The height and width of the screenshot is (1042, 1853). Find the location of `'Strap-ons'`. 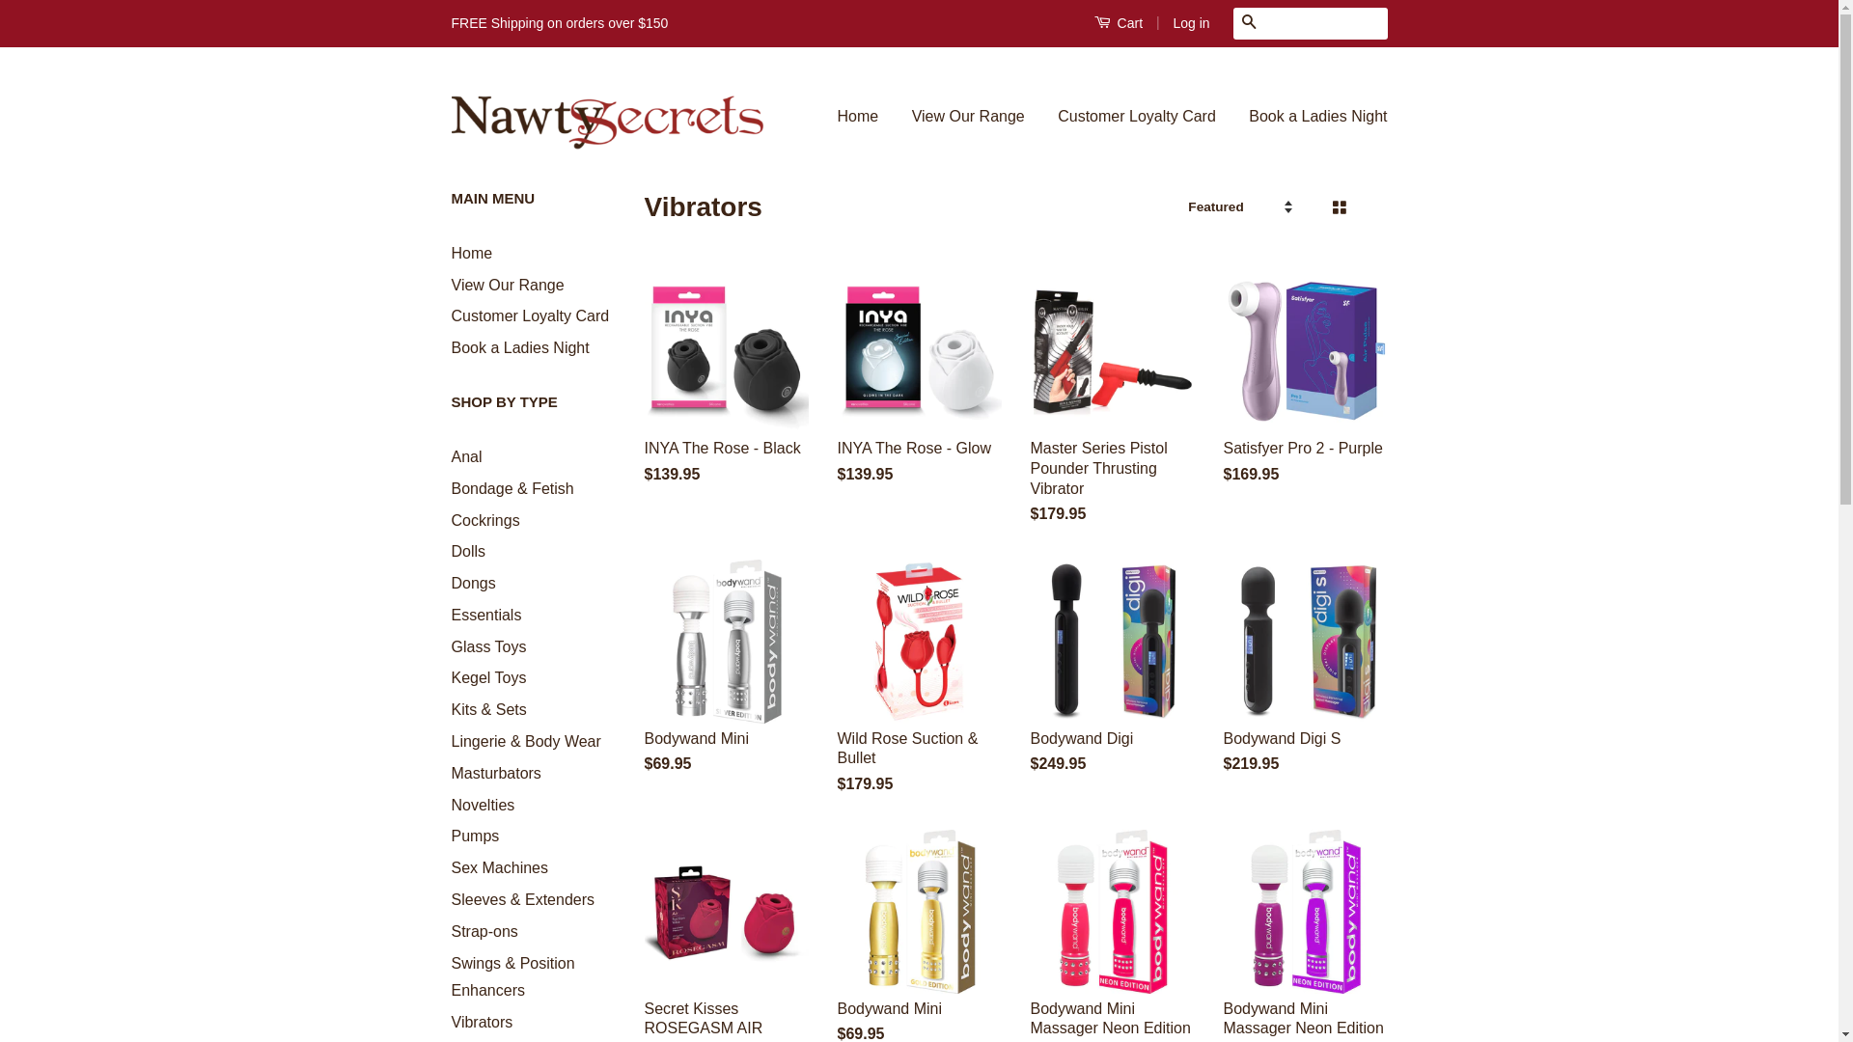

'Strap-ons' is located at coordinates (484, 930).